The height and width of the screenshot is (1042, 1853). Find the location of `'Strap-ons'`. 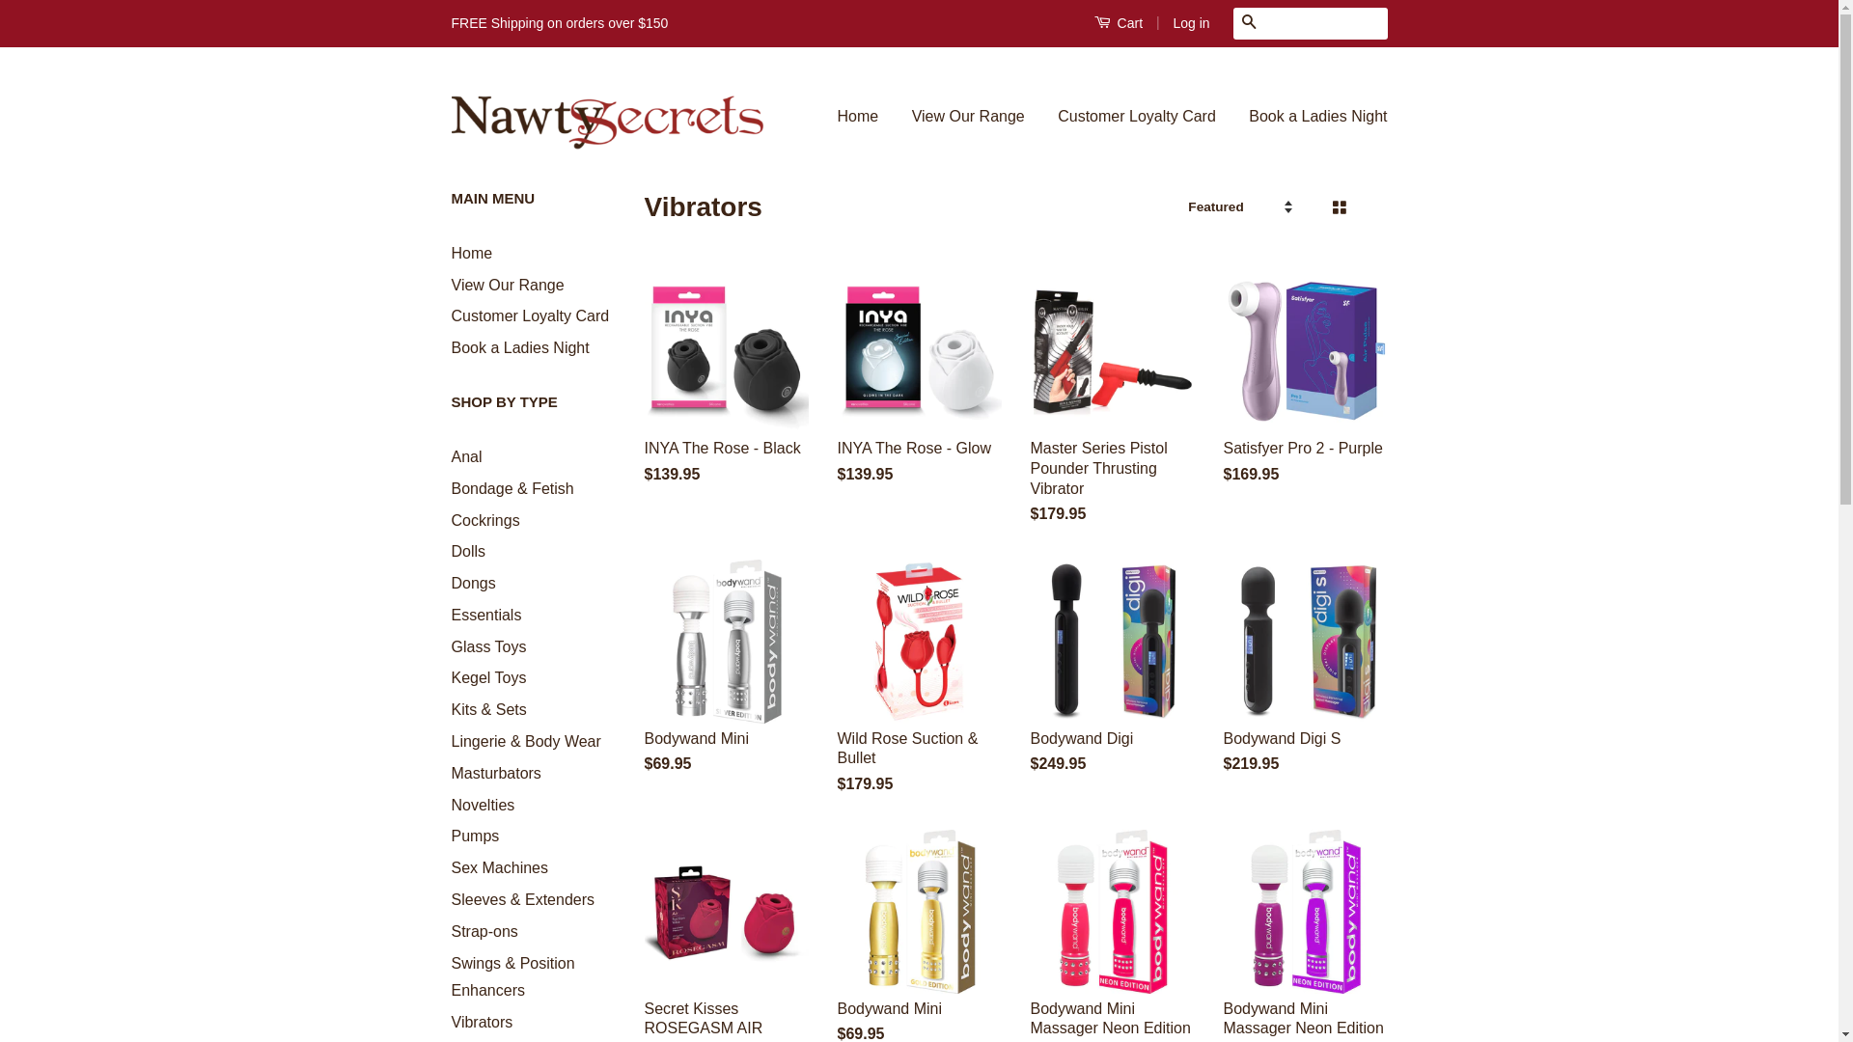

'Strap-ons' is located at coordinates (484, 930).